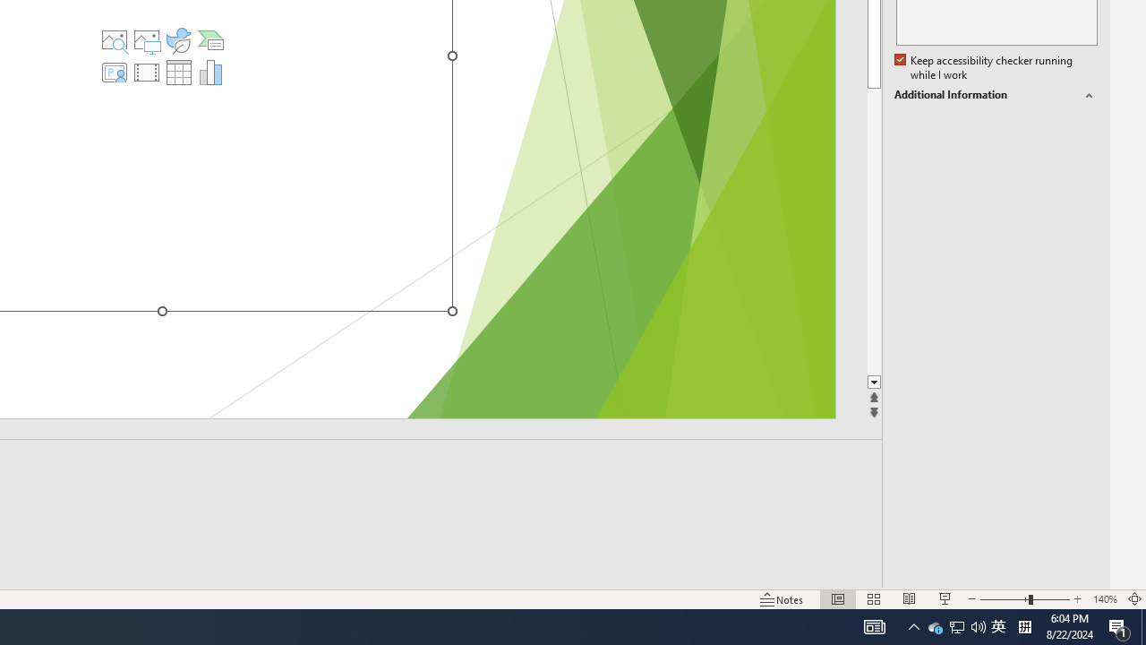 The image size is (1146, 645). Describe the element at coordinates (147, 72) in the screenshot. I see `'Insert Video'` at that location.